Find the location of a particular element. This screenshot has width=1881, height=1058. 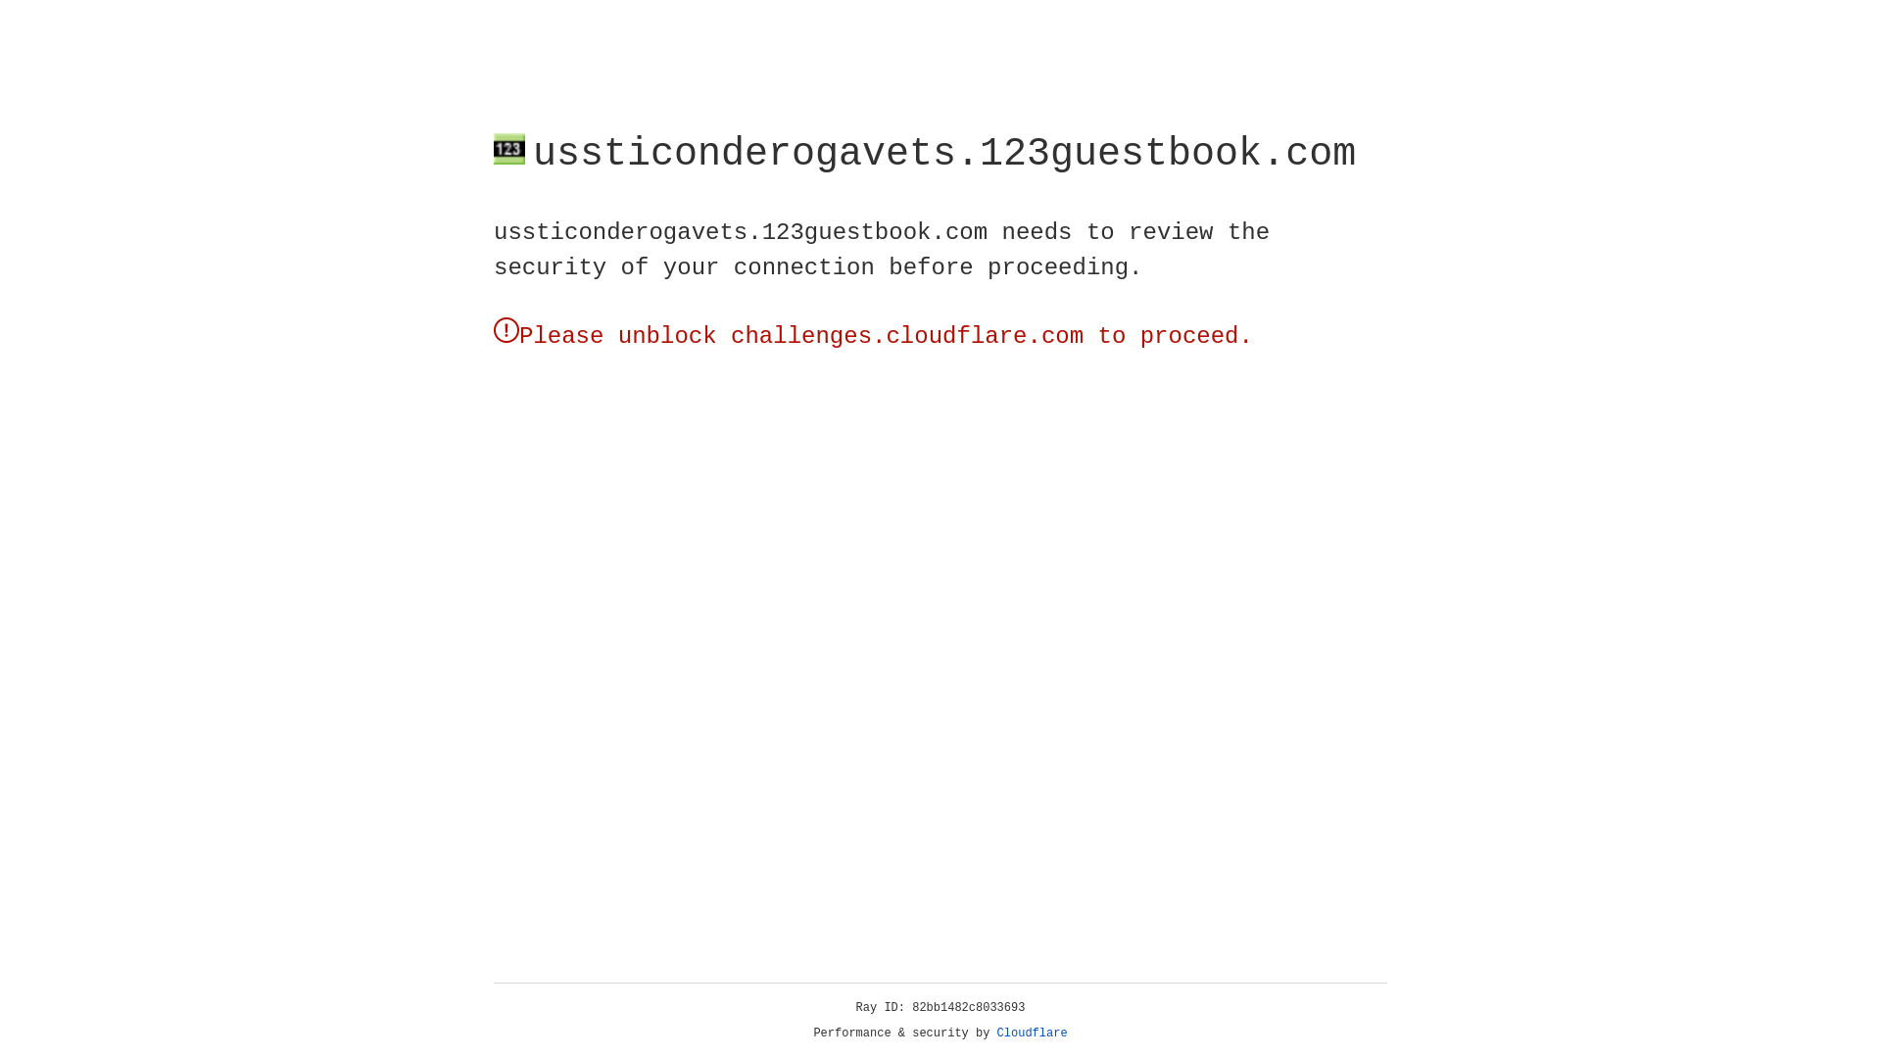

'Cloudflare' is located at coordinates (1032, 1033).